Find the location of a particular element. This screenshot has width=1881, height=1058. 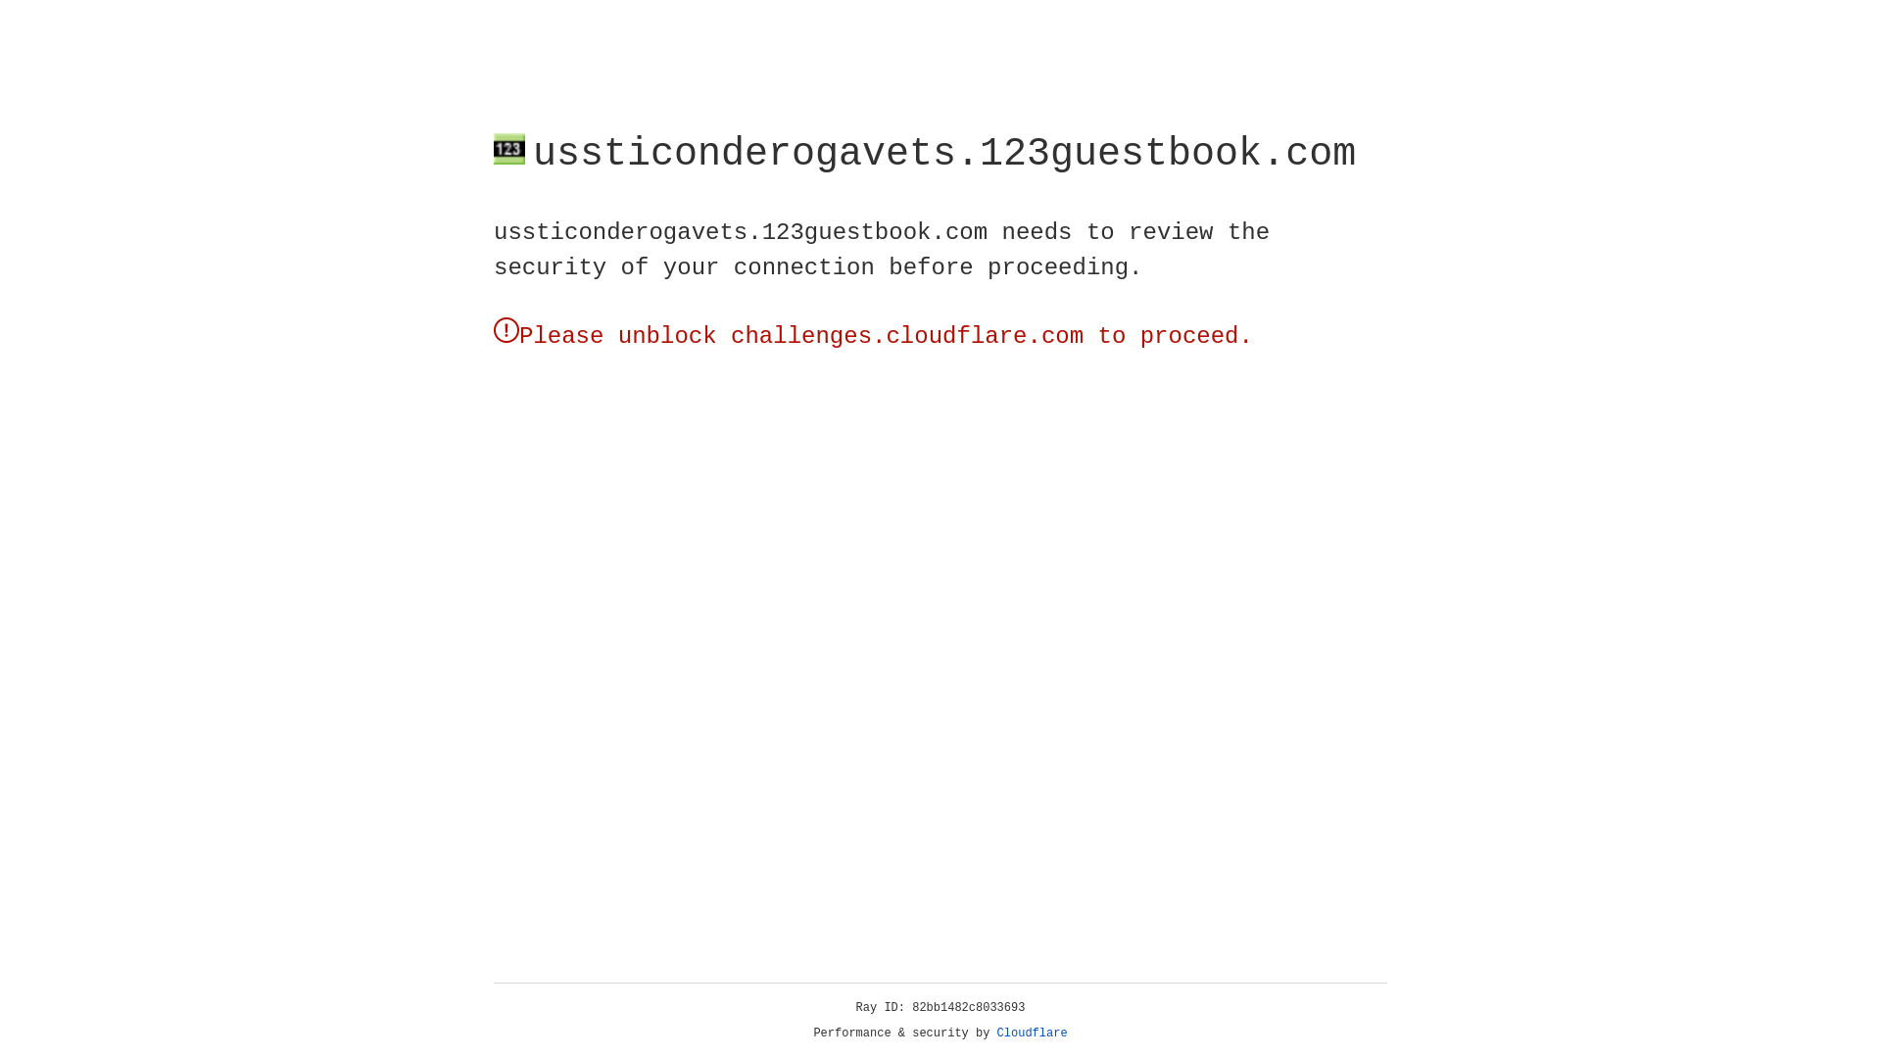

'Cloudflare' is located at coordinates (1032, 1033).